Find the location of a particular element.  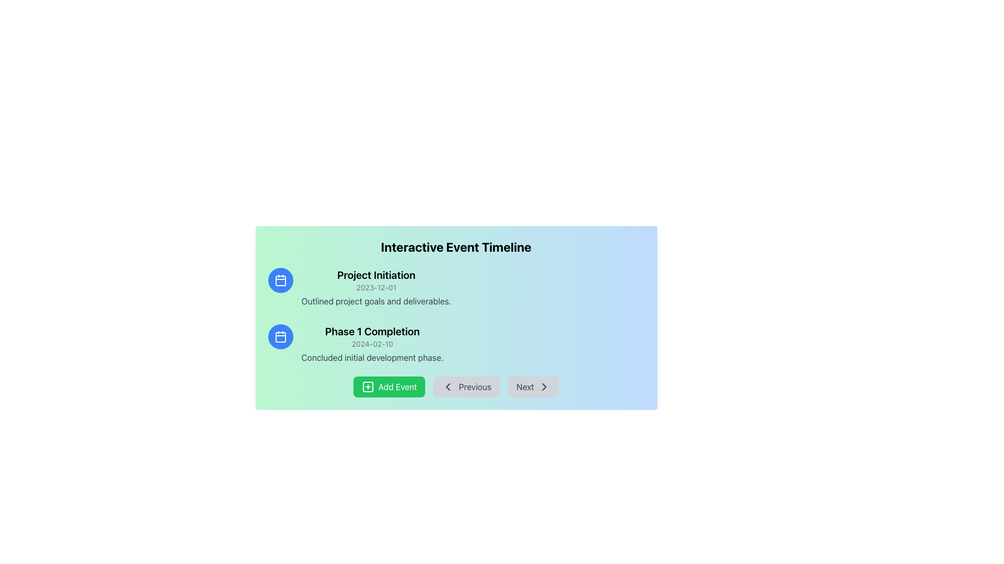

the 'Add Event' button, which has a green background, white text, and a plus icon, to observe the color change effect is located at coordinates (389, 386).